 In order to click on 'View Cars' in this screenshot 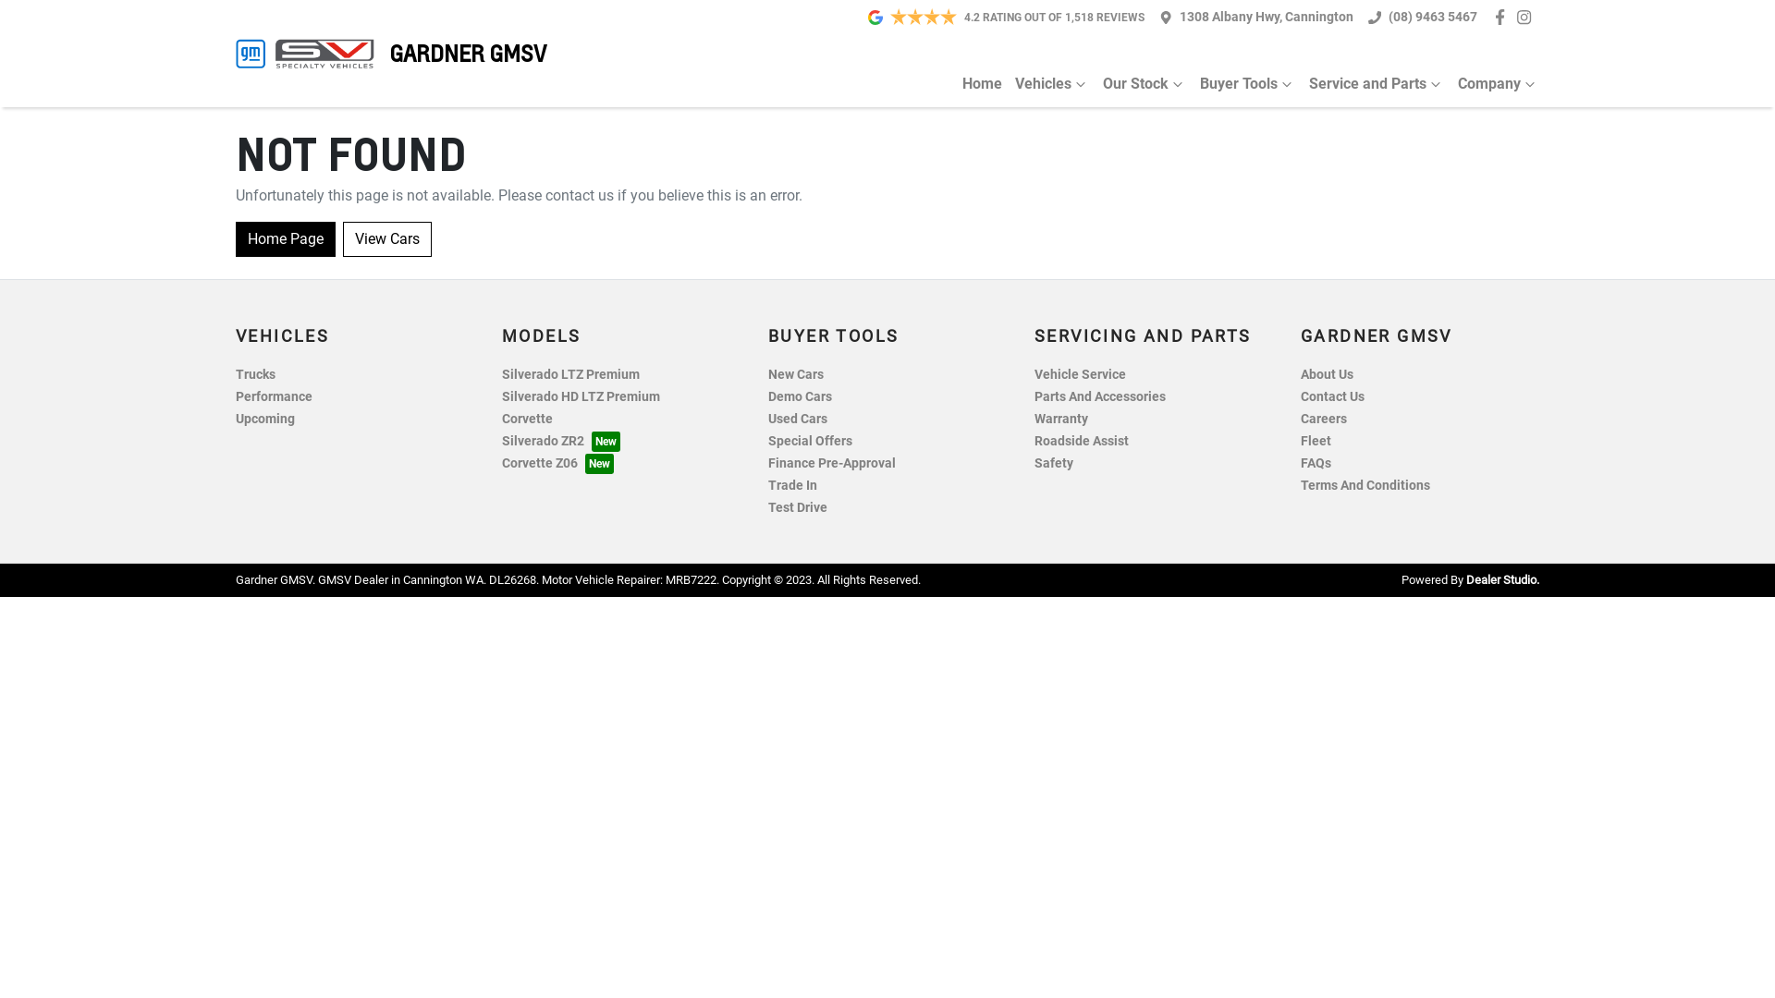, I will do `click(342, 237)`.